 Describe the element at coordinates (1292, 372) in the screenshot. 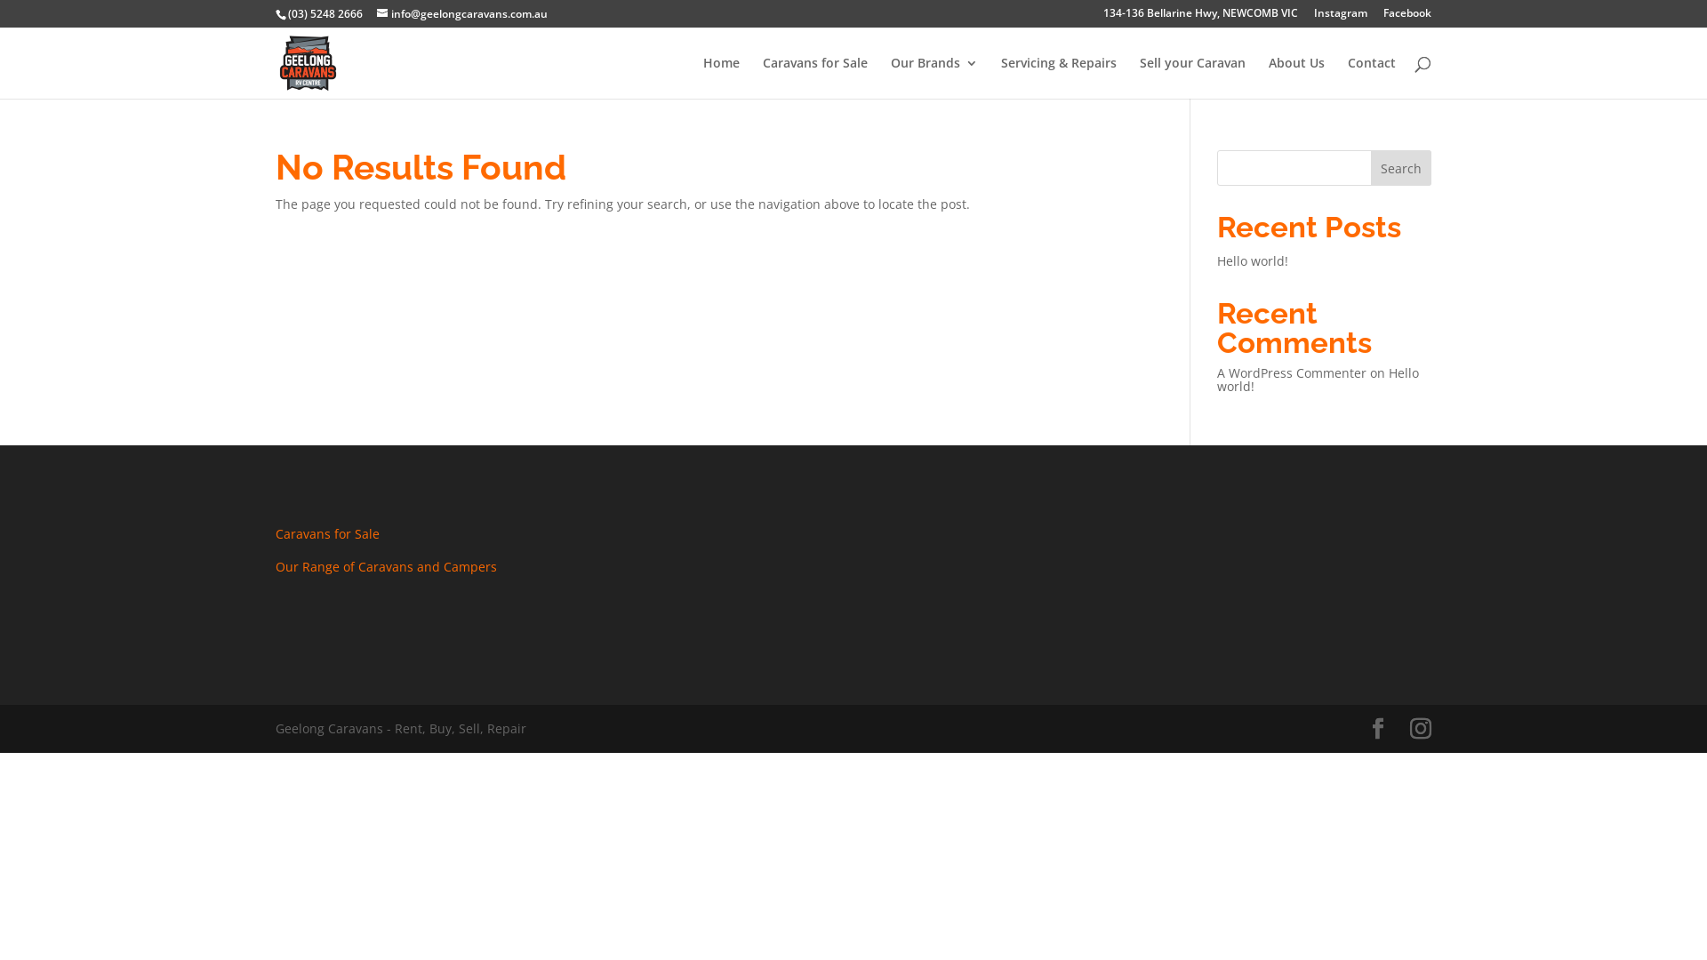

I see `'A WordPress Commenter'` at that location.